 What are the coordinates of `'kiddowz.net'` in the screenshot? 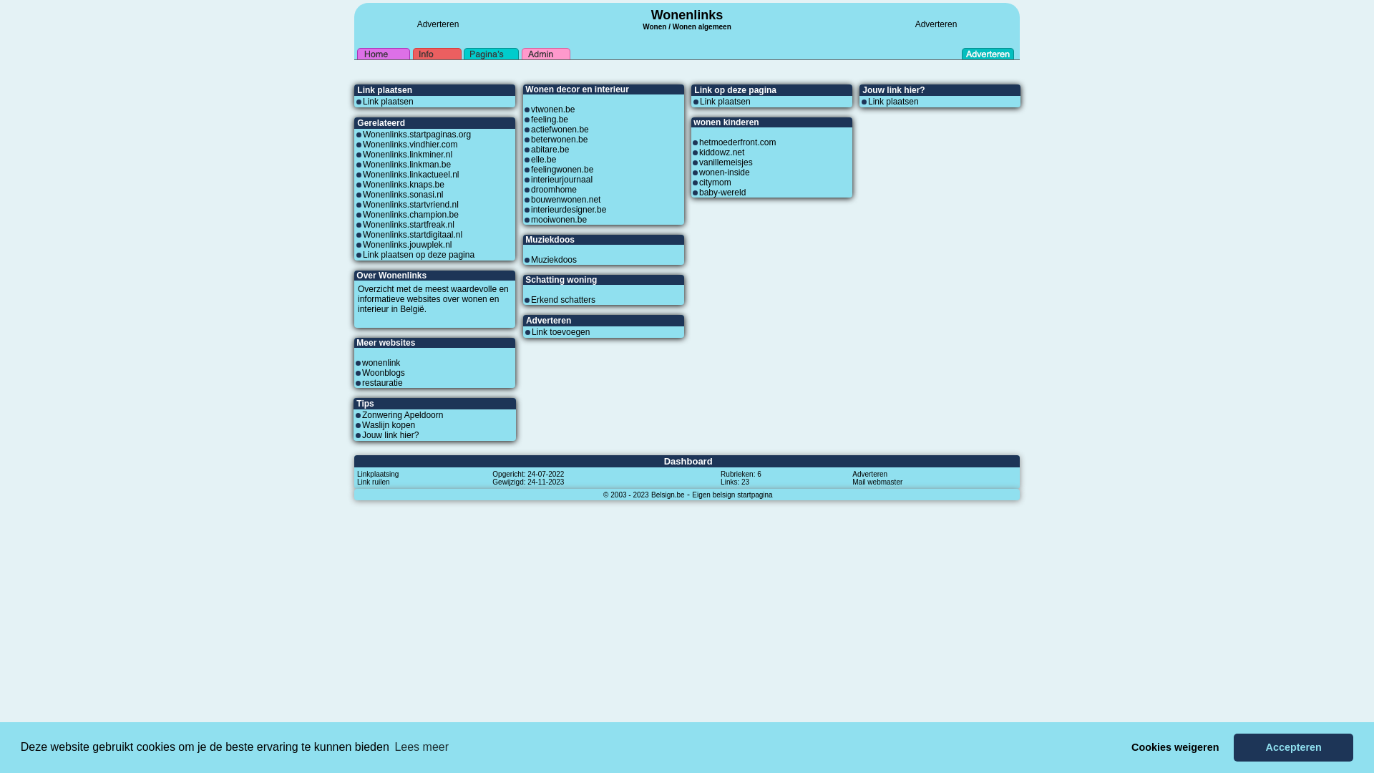 It's located at (699, 152).